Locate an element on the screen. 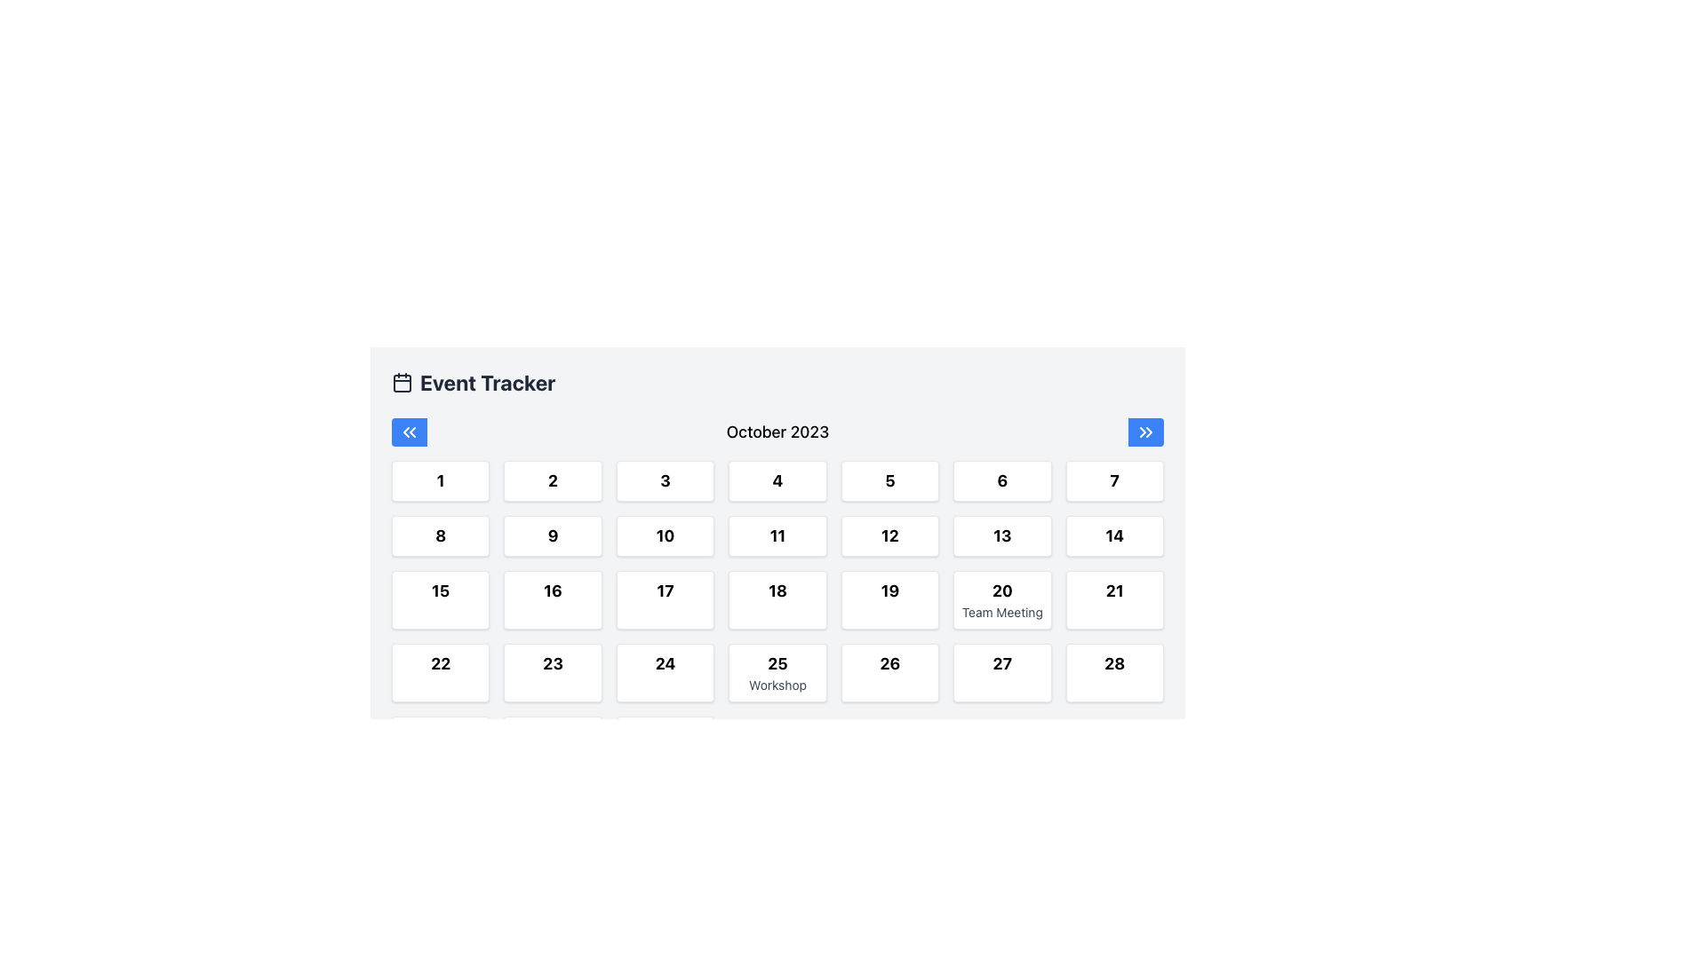  the small graphic arrow icon that forms part of the double-chevron symbol in the top-right corner of the calendar's header section to trigger a tooltip is located at coordinates (1149, 432).